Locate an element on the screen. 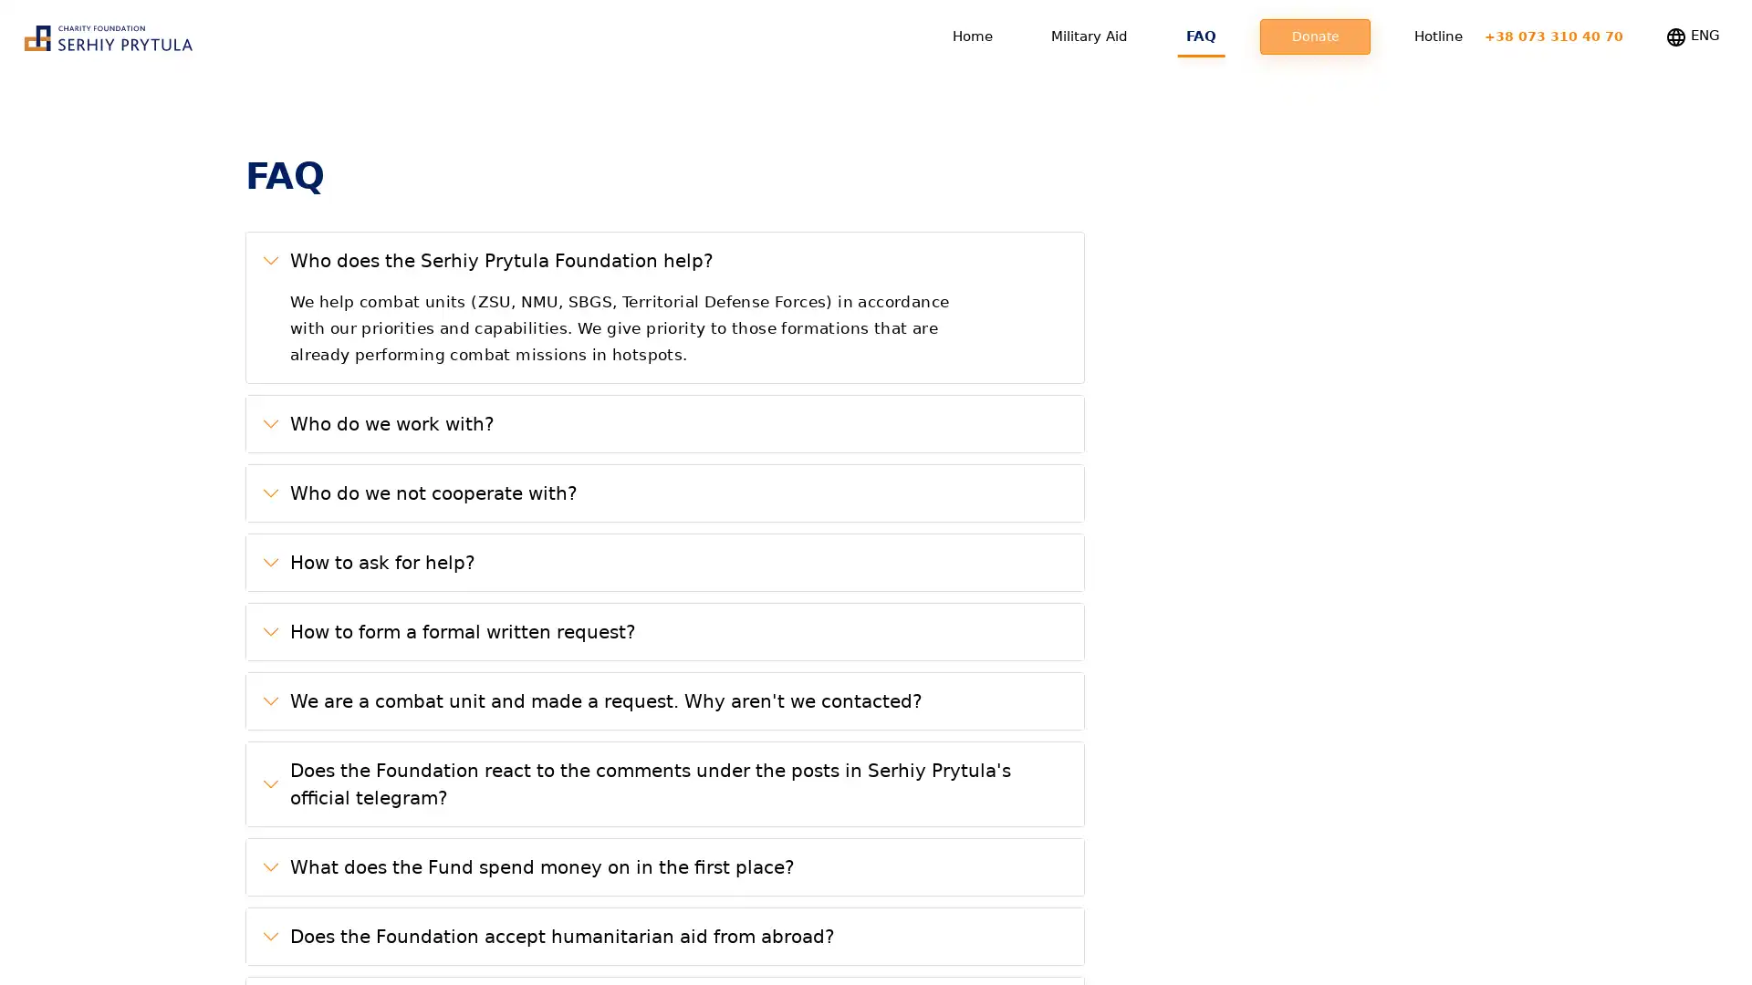  How to ask for help? is located at coordinates (663, 562).